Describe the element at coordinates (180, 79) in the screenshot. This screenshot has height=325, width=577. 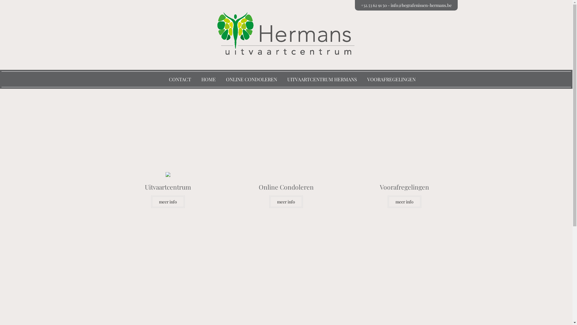
I see `'CONTACT'` at that location.